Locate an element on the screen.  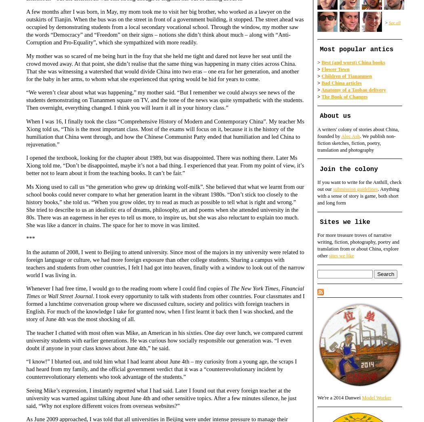
'We're a 2014 Danwei' is located at coordinates (340, 397).